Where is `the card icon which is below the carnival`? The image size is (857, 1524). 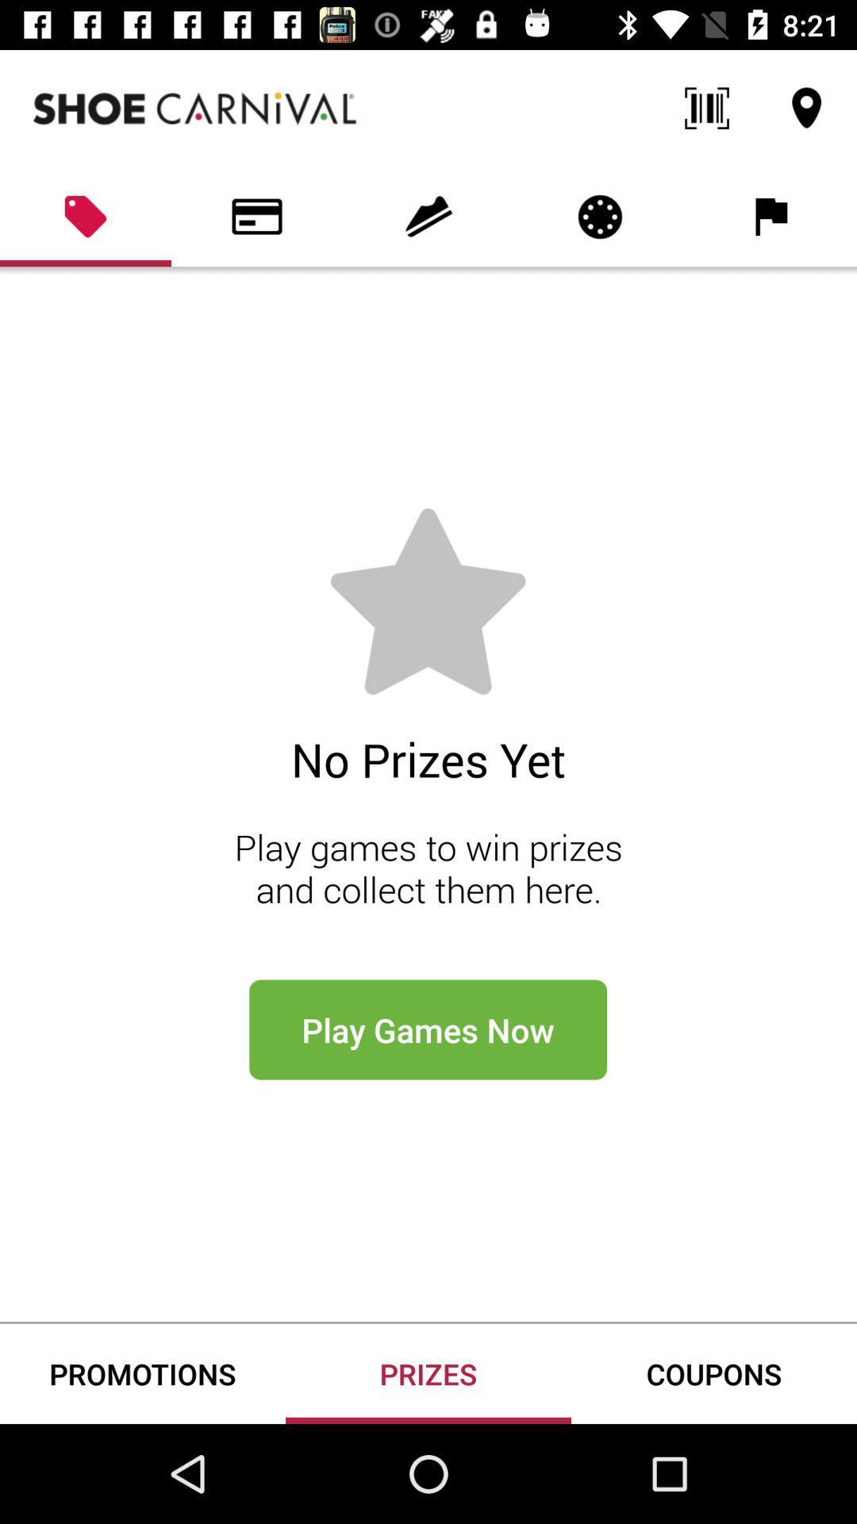 the card icon which is below the carnival is located at coordinates (256, 216).